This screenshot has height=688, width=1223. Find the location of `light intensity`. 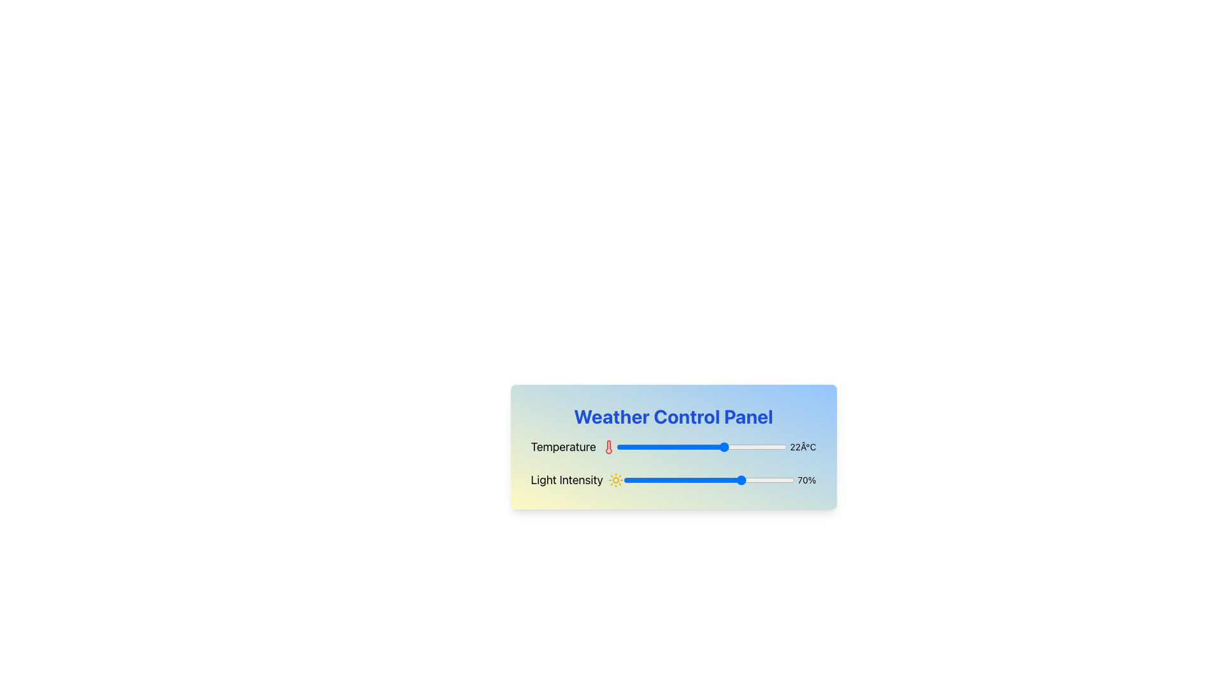

light intensity is located at coordinates (736, 480).